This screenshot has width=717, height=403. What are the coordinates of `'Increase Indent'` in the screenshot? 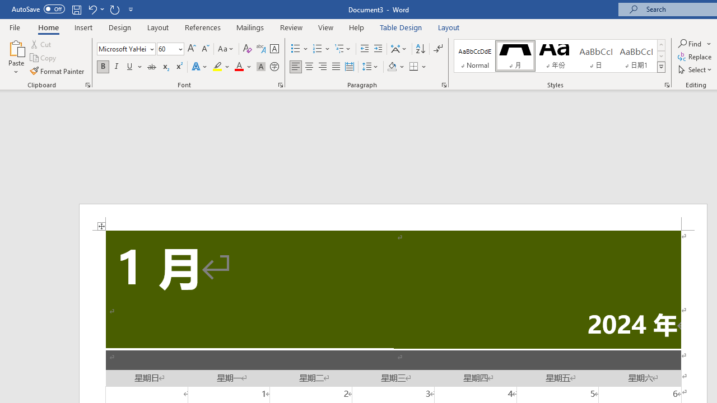 It's located at (378, 48).